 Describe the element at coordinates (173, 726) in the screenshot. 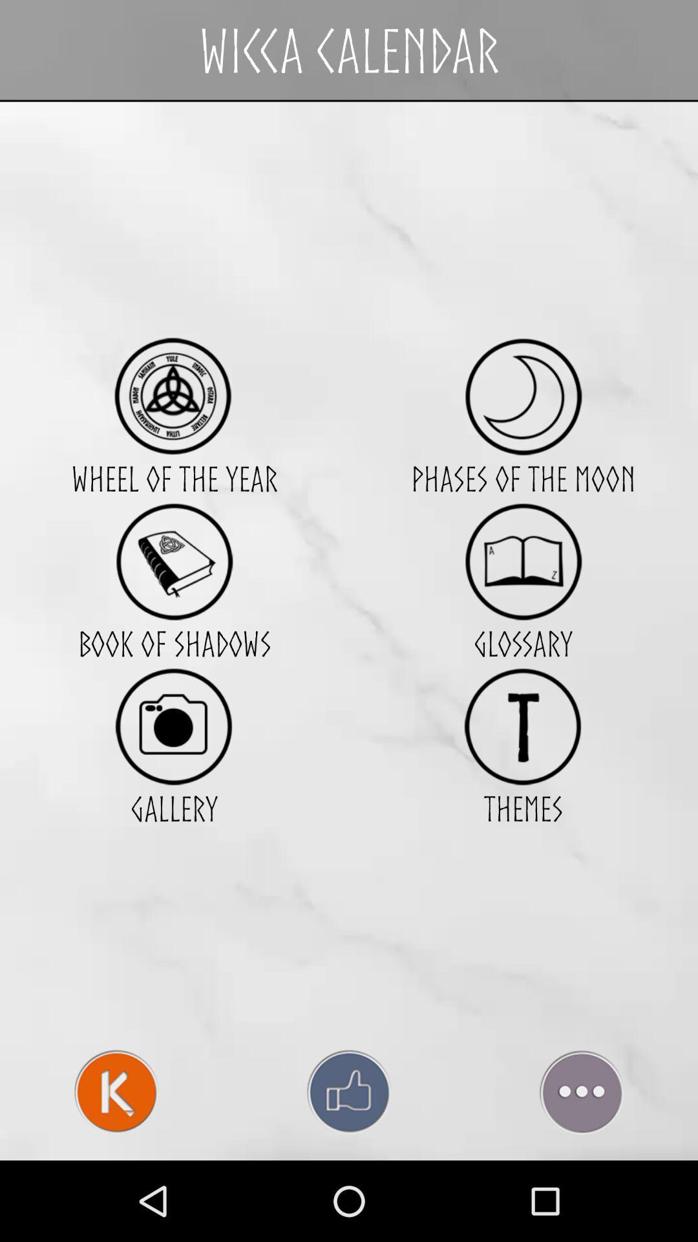

I see `access photo gallery` at that location.